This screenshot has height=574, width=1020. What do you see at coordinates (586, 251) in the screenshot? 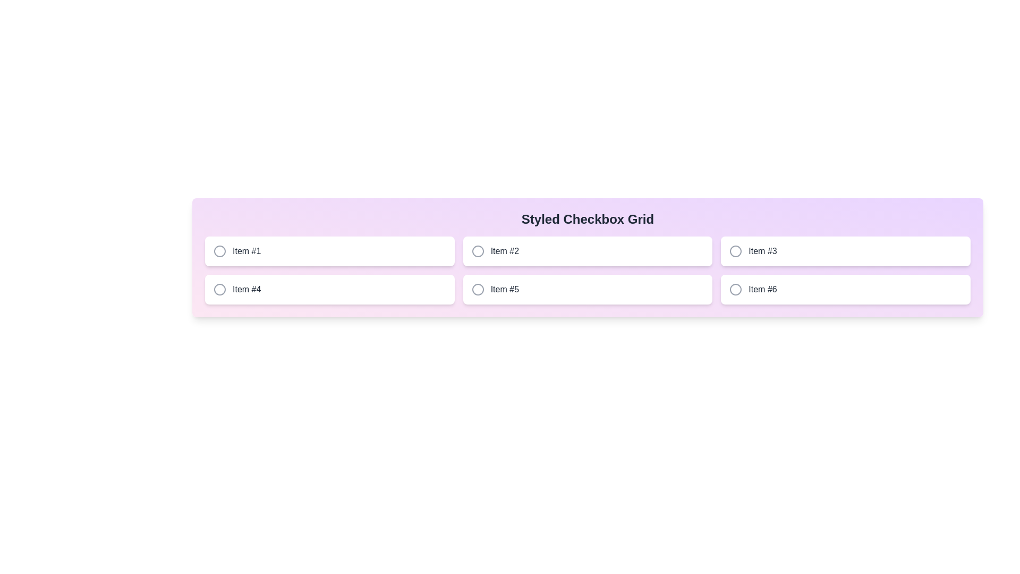
I see `the button labeled Item #2 to observe style changes` at bounding box center [586, 251].